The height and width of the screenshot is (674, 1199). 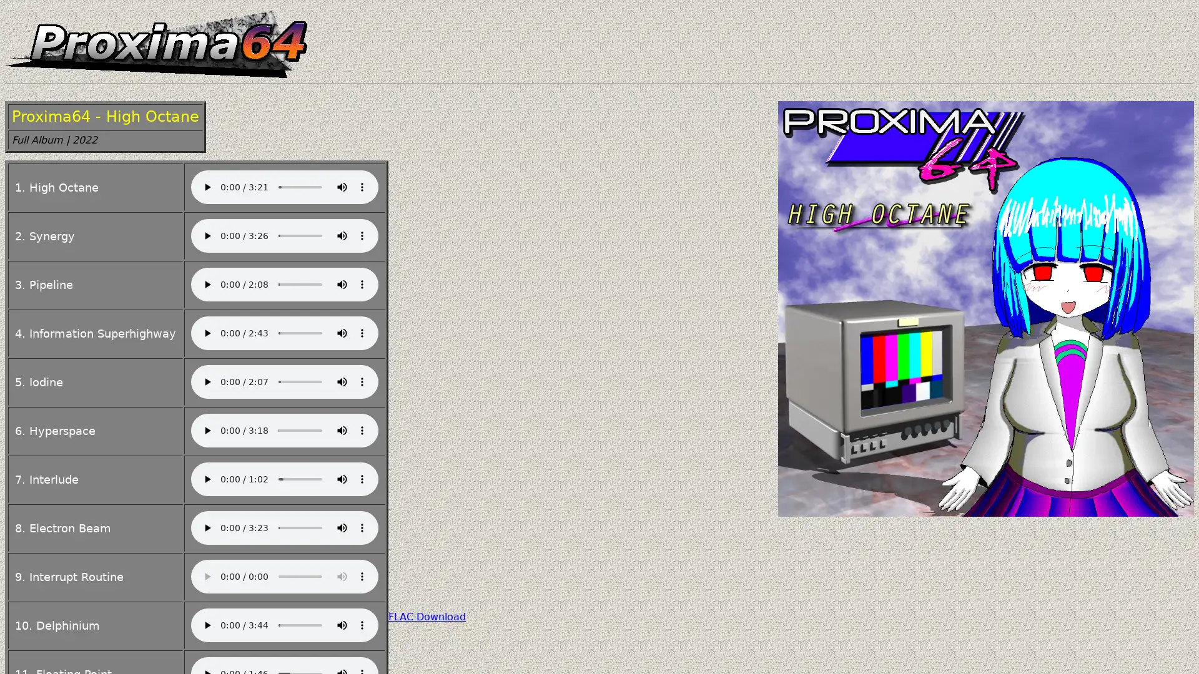 What do you see at coordinates (342, 430) in the screenshot?
I see `mute` at bounding box center [342, 430].